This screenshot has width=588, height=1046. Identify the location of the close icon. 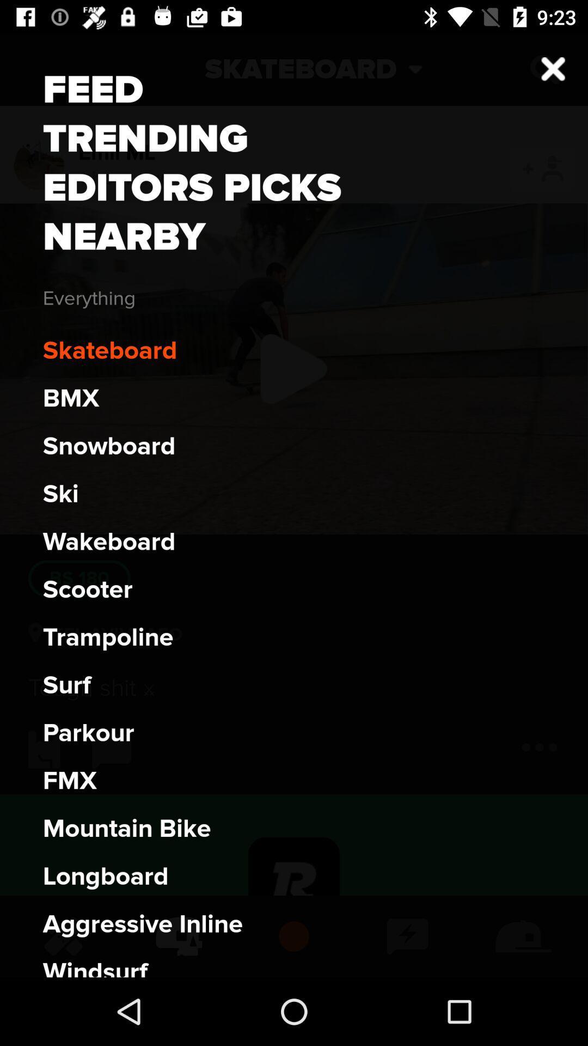
(553, 68).